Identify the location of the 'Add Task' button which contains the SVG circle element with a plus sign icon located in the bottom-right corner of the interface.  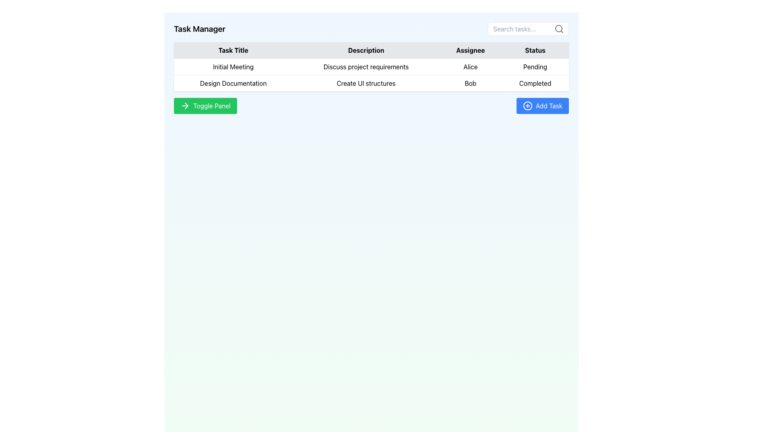
(527, 105).